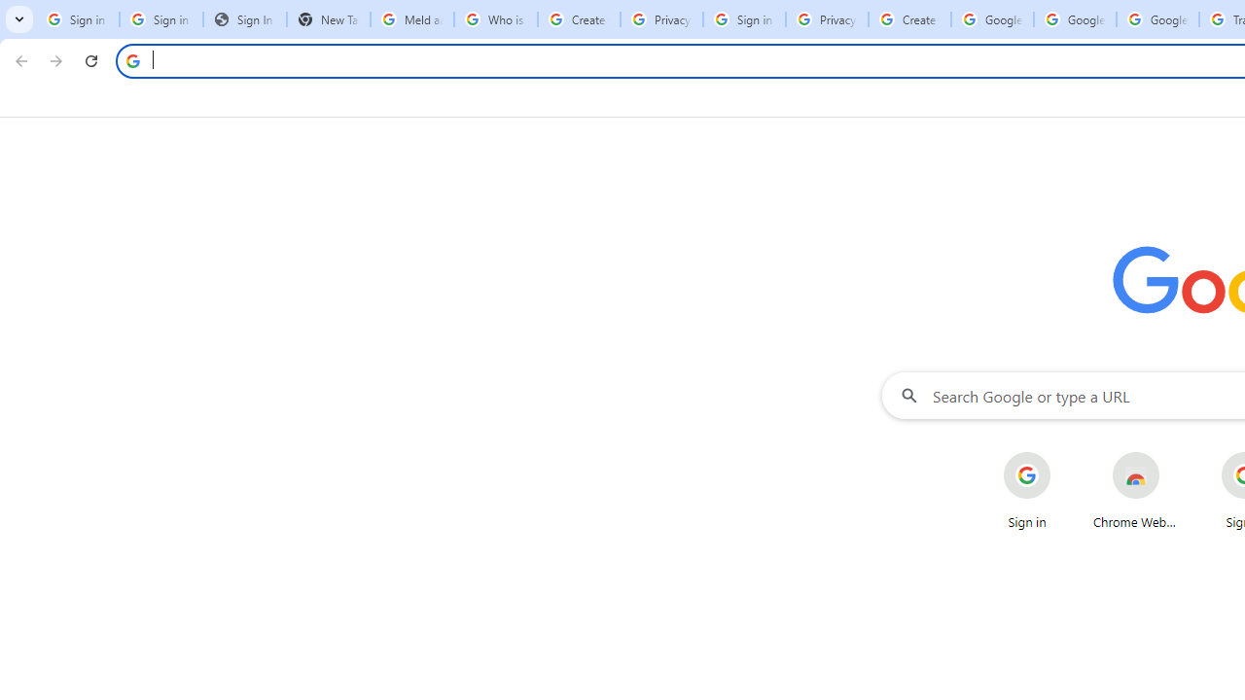 This screenshot has width=1245, height=700. I want to click on 'Forward', so click(56, 59).